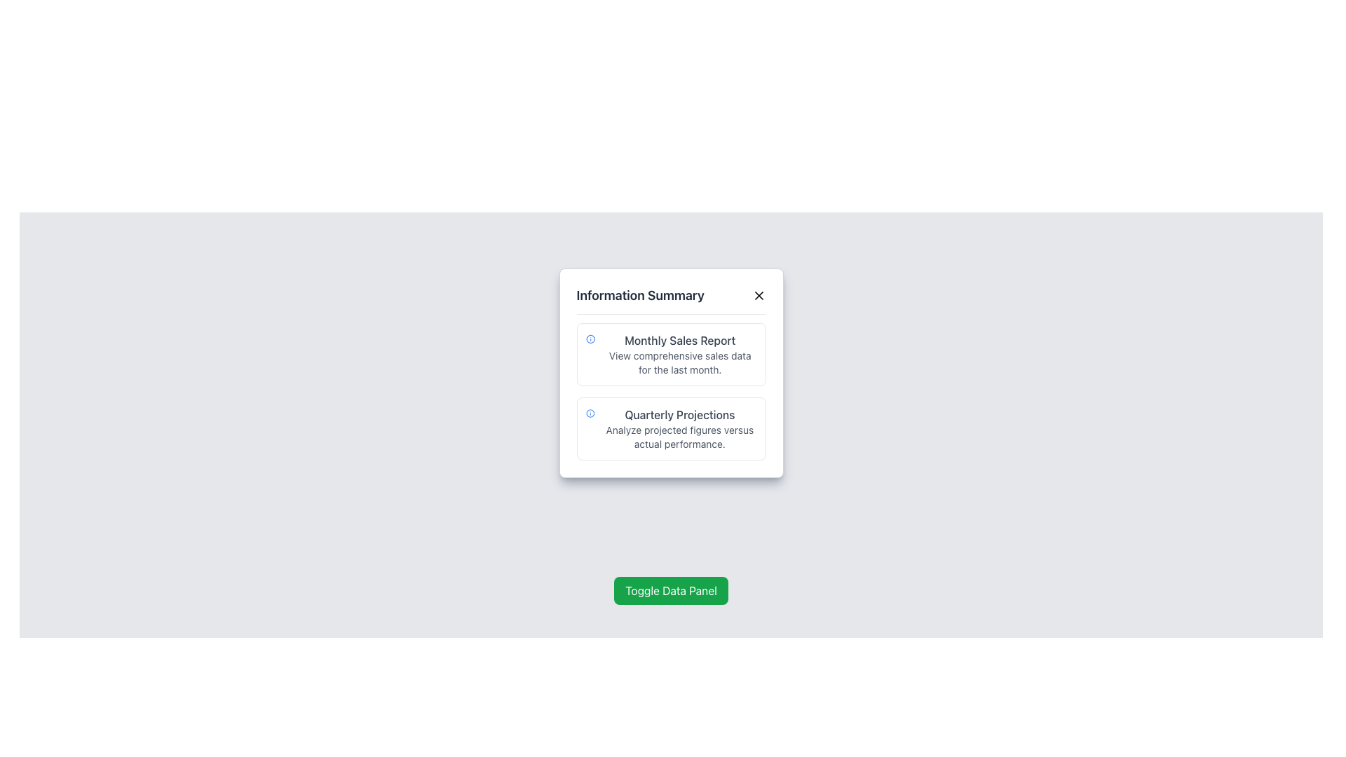  Describe the element at coordinates (758, 294) in the screenshot. I see `the red 'X' icon button located at the top-right corner of the 'Information Summary' card` at that location.